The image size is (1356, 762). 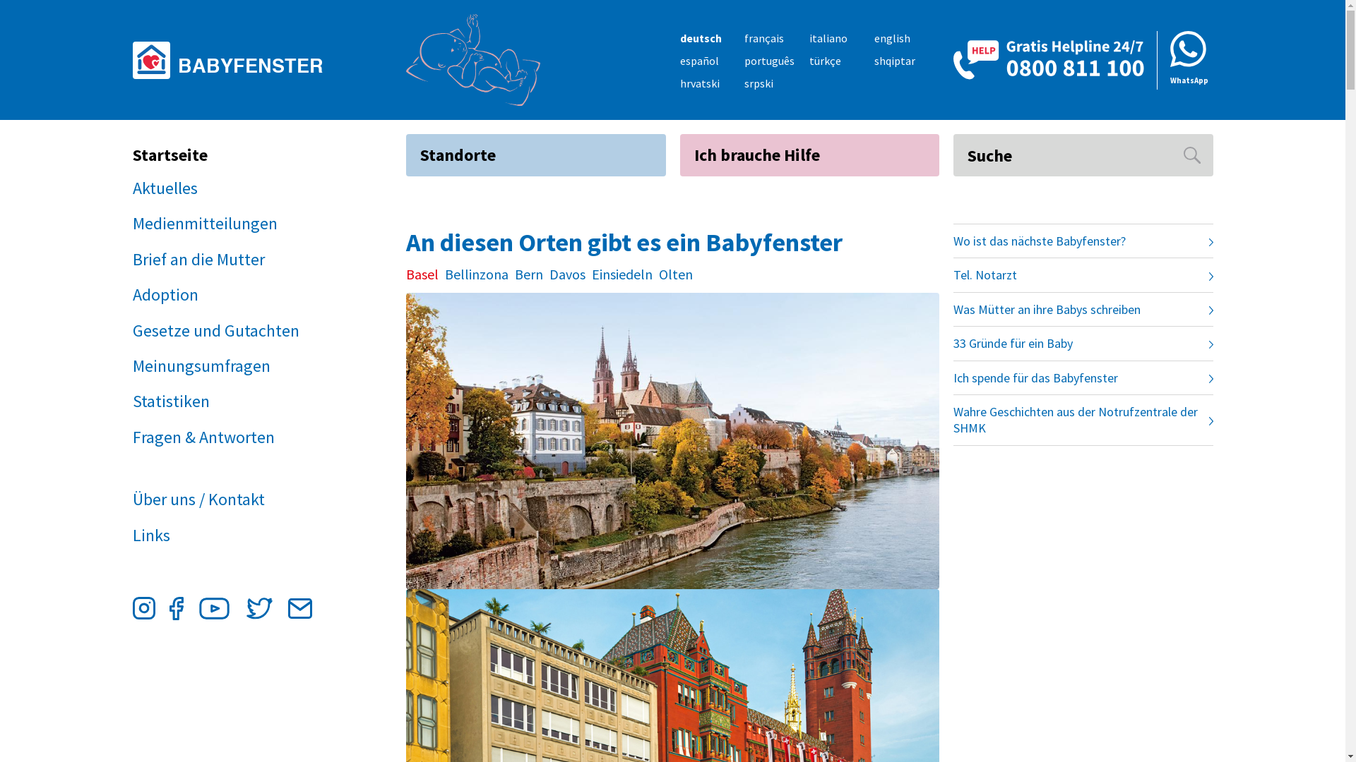 What do you see at coordinates (237, 437) in the screenshot?
I see `'Fragen & Antworten'` at bounding box center [237, 437].